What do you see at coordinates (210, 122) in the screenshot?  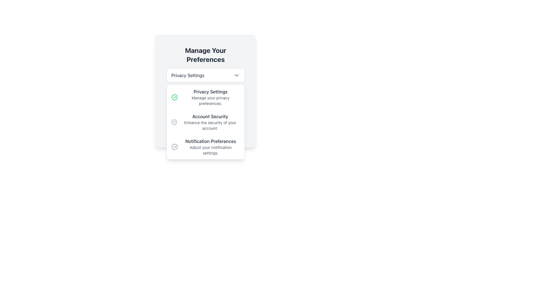 I see `informational text block about enhancing account security, which is the second item in the settings menu list, located below 'Privacy Settings' and above 'Notification Preferences'` at bounding box center [210, 122].